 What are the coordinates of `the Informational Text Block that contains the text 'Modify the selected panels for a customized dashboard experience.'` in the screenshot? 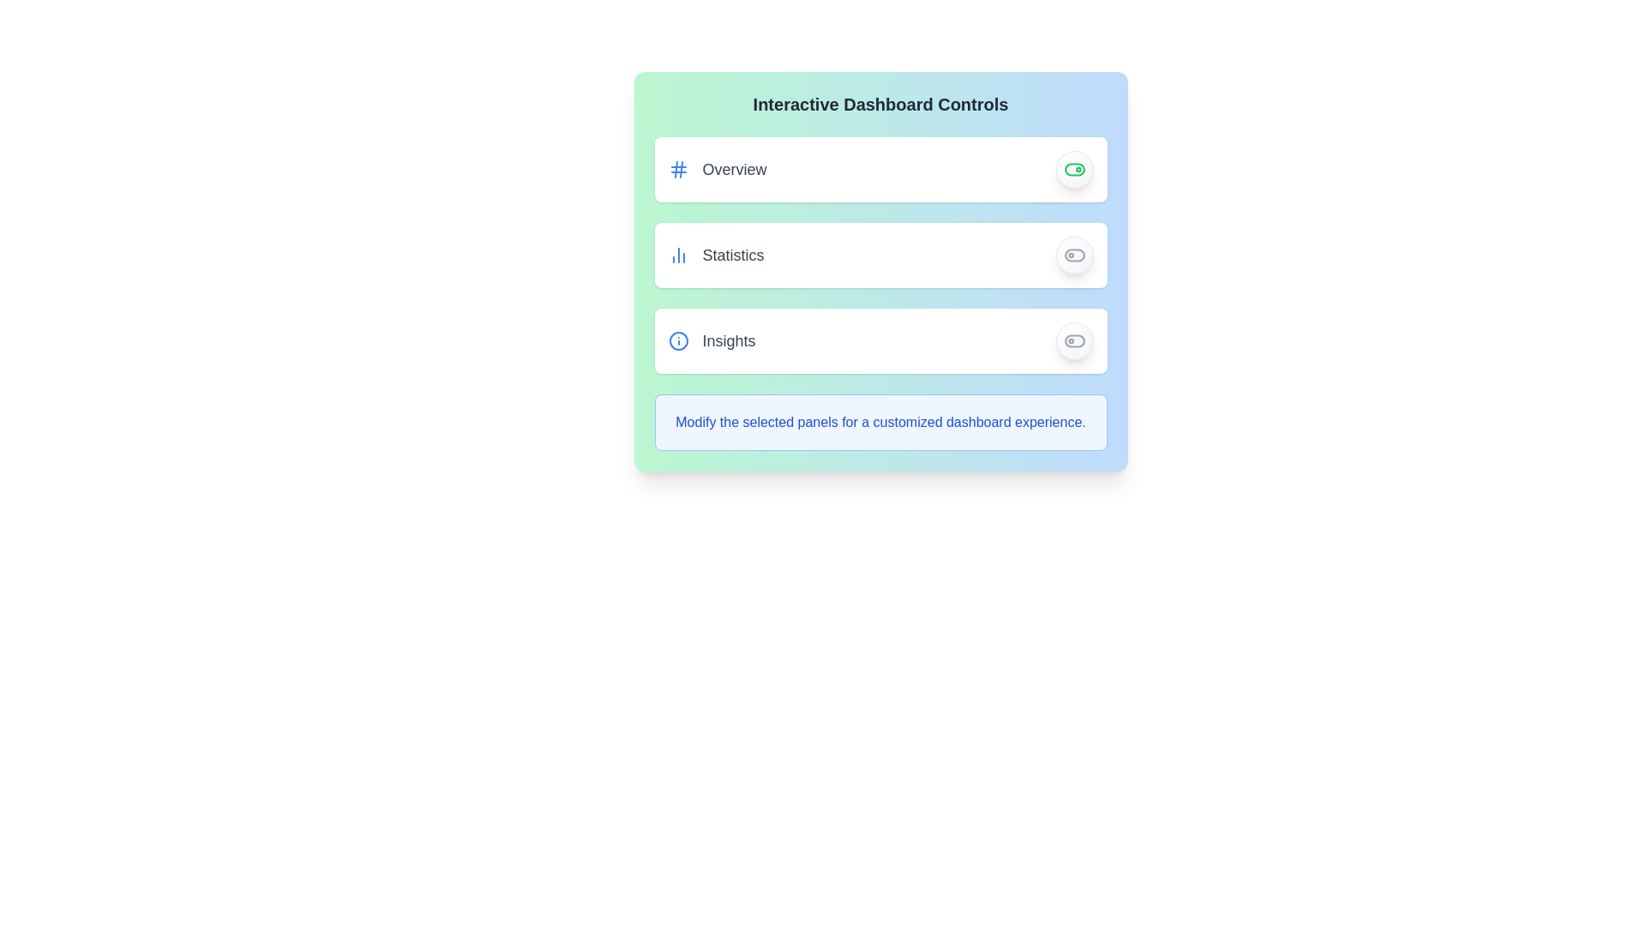 It's located at (880, 423).